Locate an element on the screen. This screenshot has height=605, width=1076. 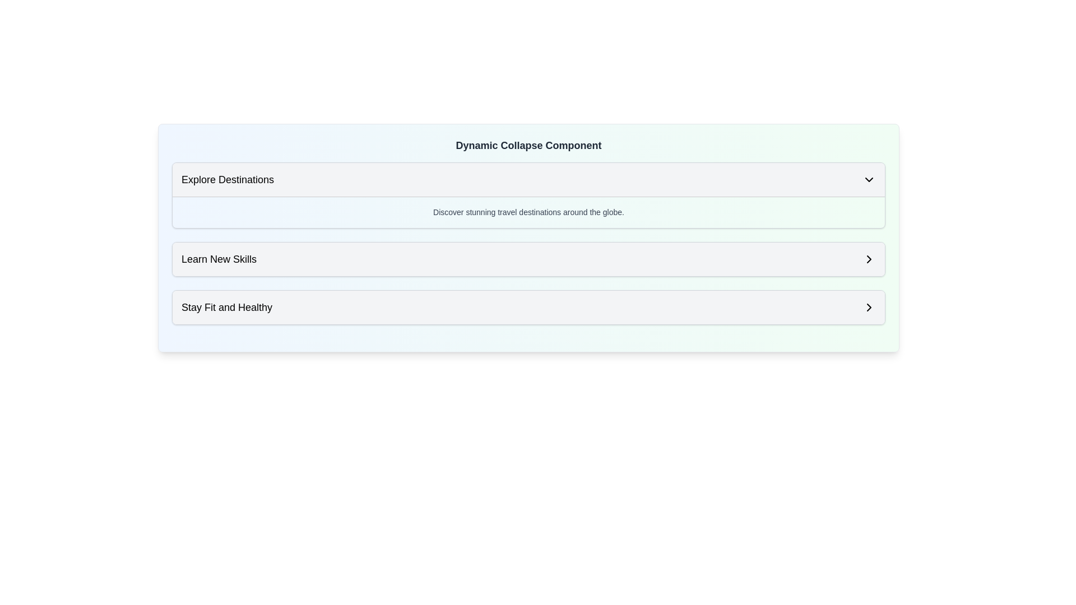
the rightward-pointing chevron icon located at the far right edge of the 'Learn New Skills' section is located at coordinates (868, 259).